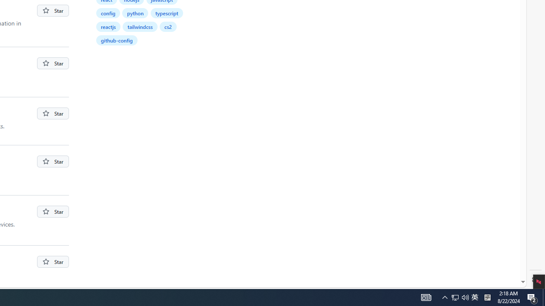 This screenshot has width=545, height=306. I want to click on 'tailwindcss', so click(141, 26).